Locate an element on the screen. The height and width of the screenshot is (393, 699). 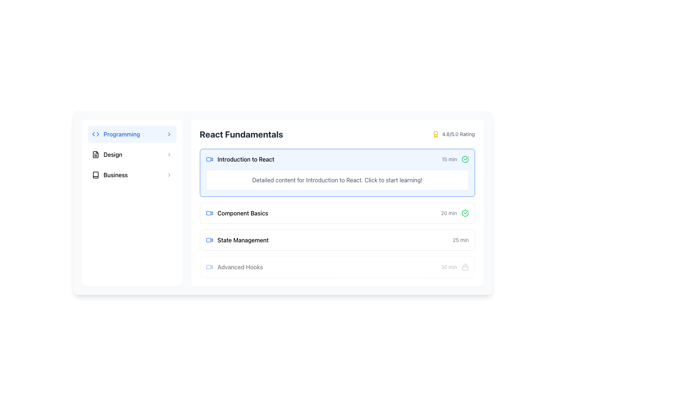
the interactive card titled 'Component Basics' within the 'React Fundamentals' section is located at coordinates (337, 213).